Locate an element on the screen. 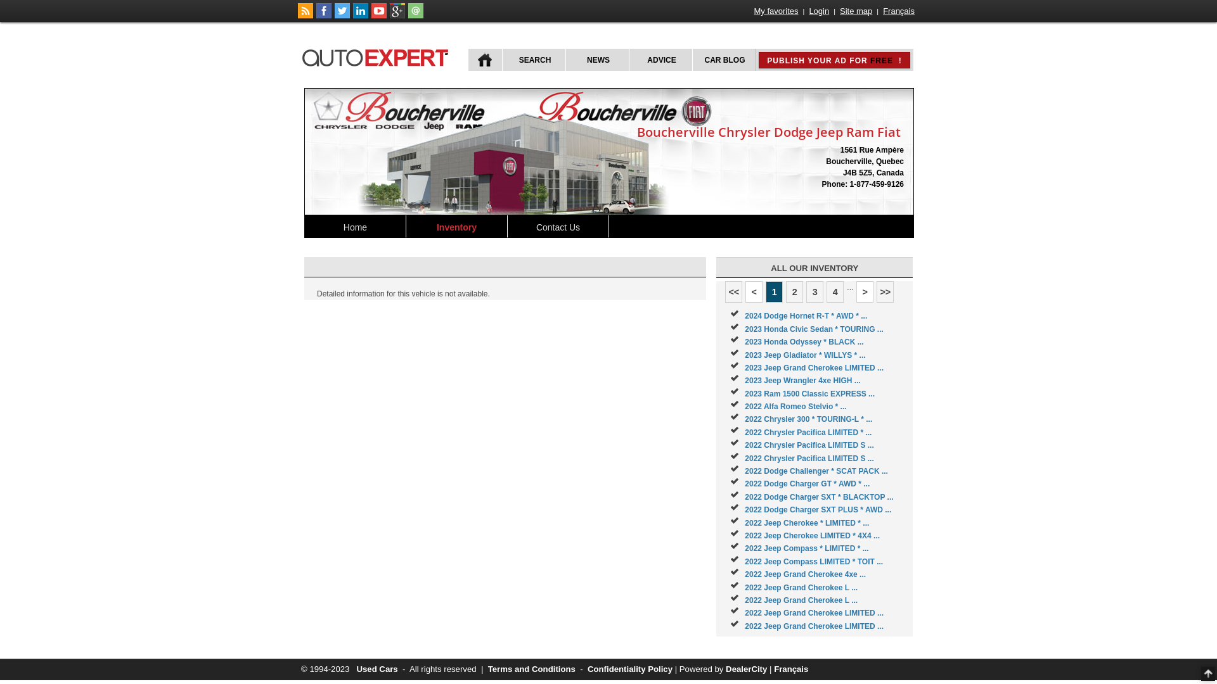 The image size is (1217, 684). 'Contact autoExpert.ca' is located at coordinates (416, 15).